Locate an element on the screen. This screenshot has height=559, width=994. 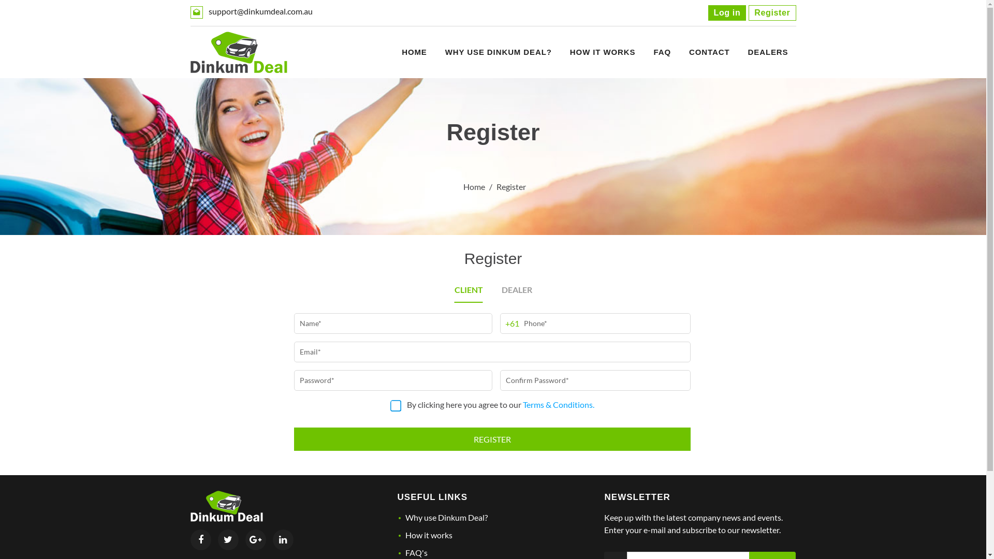
'Why use Dinkum Deal?' is located at coordinates (446, 517).